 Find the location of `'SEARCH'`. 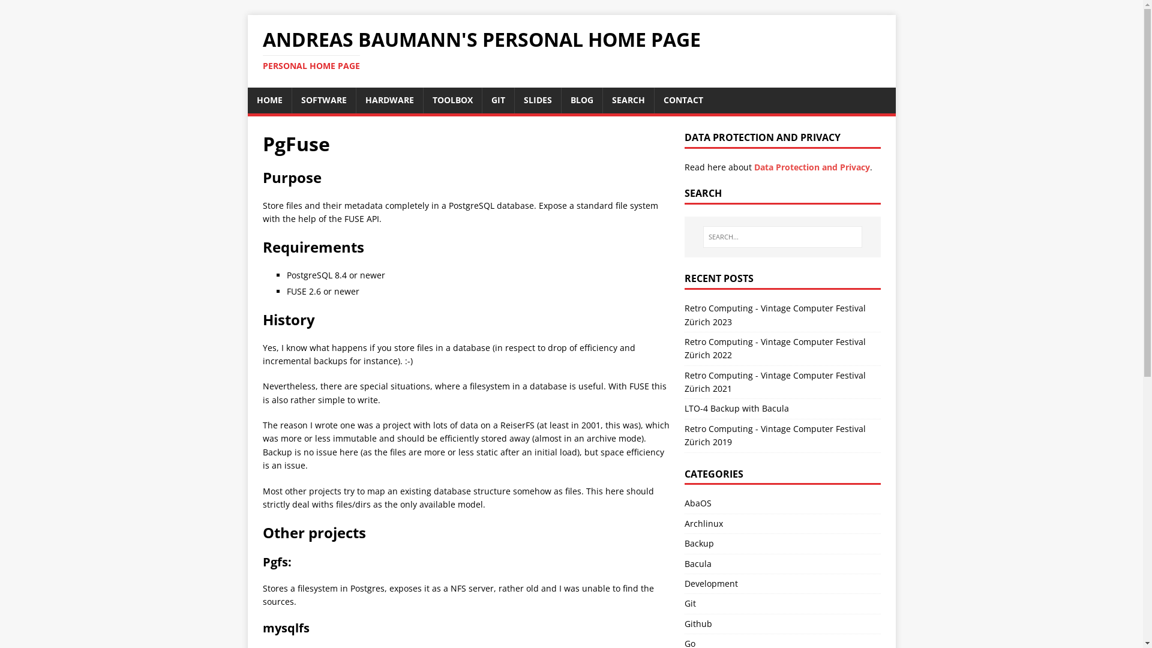

'SEARCH' is located at coordinates (627, 99).